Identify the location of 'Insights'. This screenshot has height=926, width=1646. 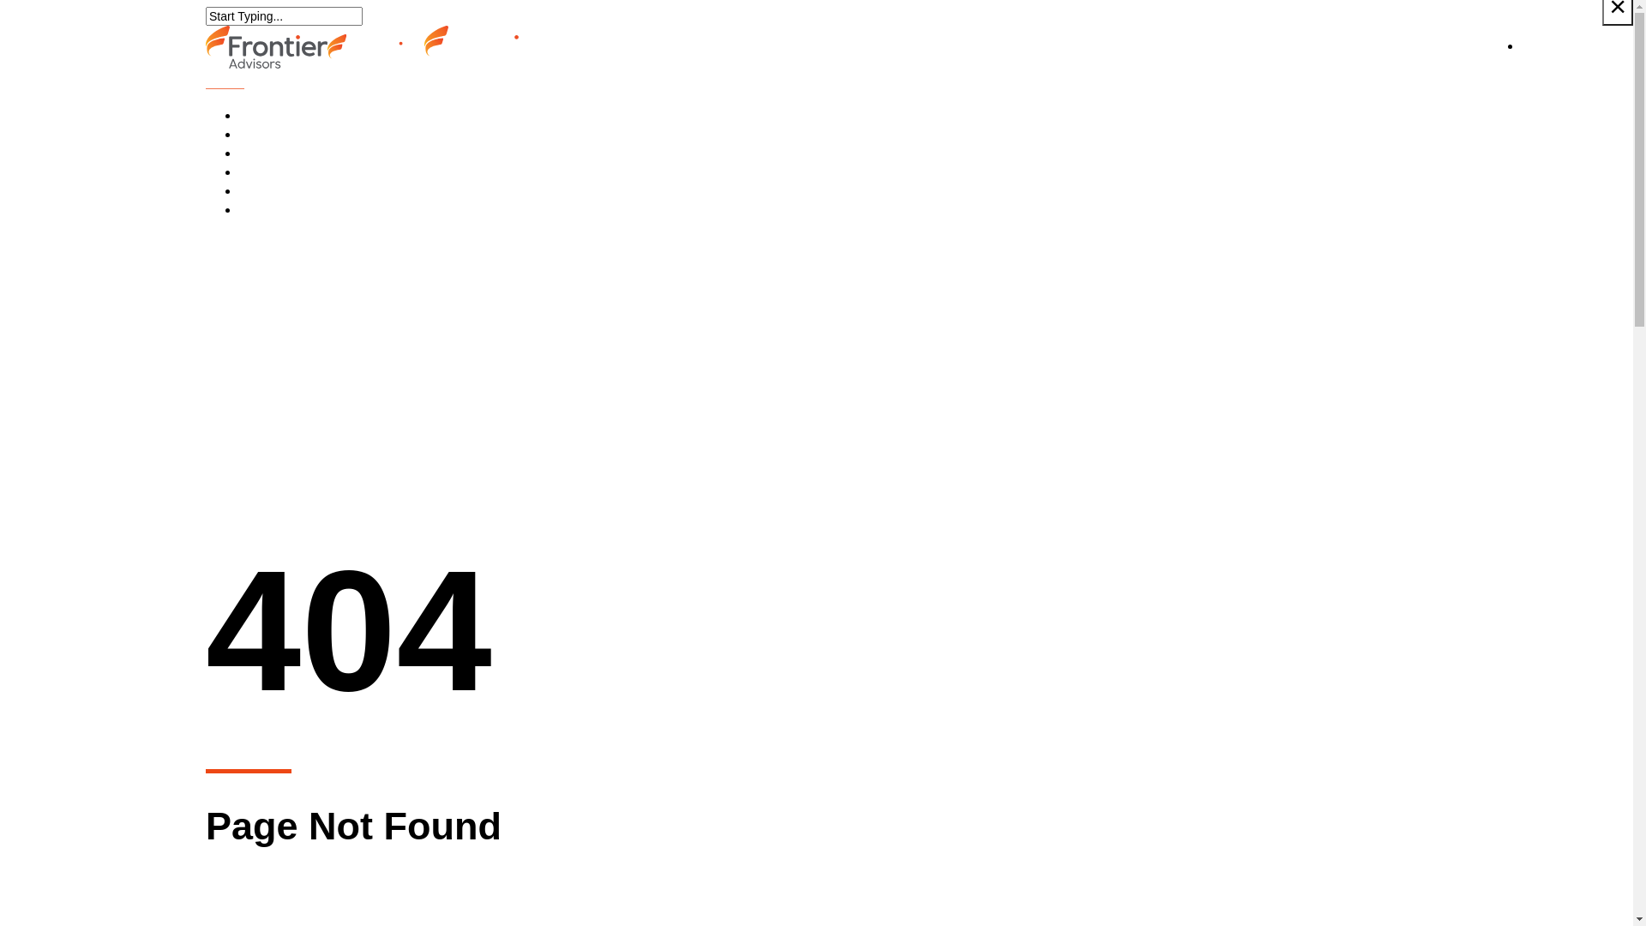
(238, 171).